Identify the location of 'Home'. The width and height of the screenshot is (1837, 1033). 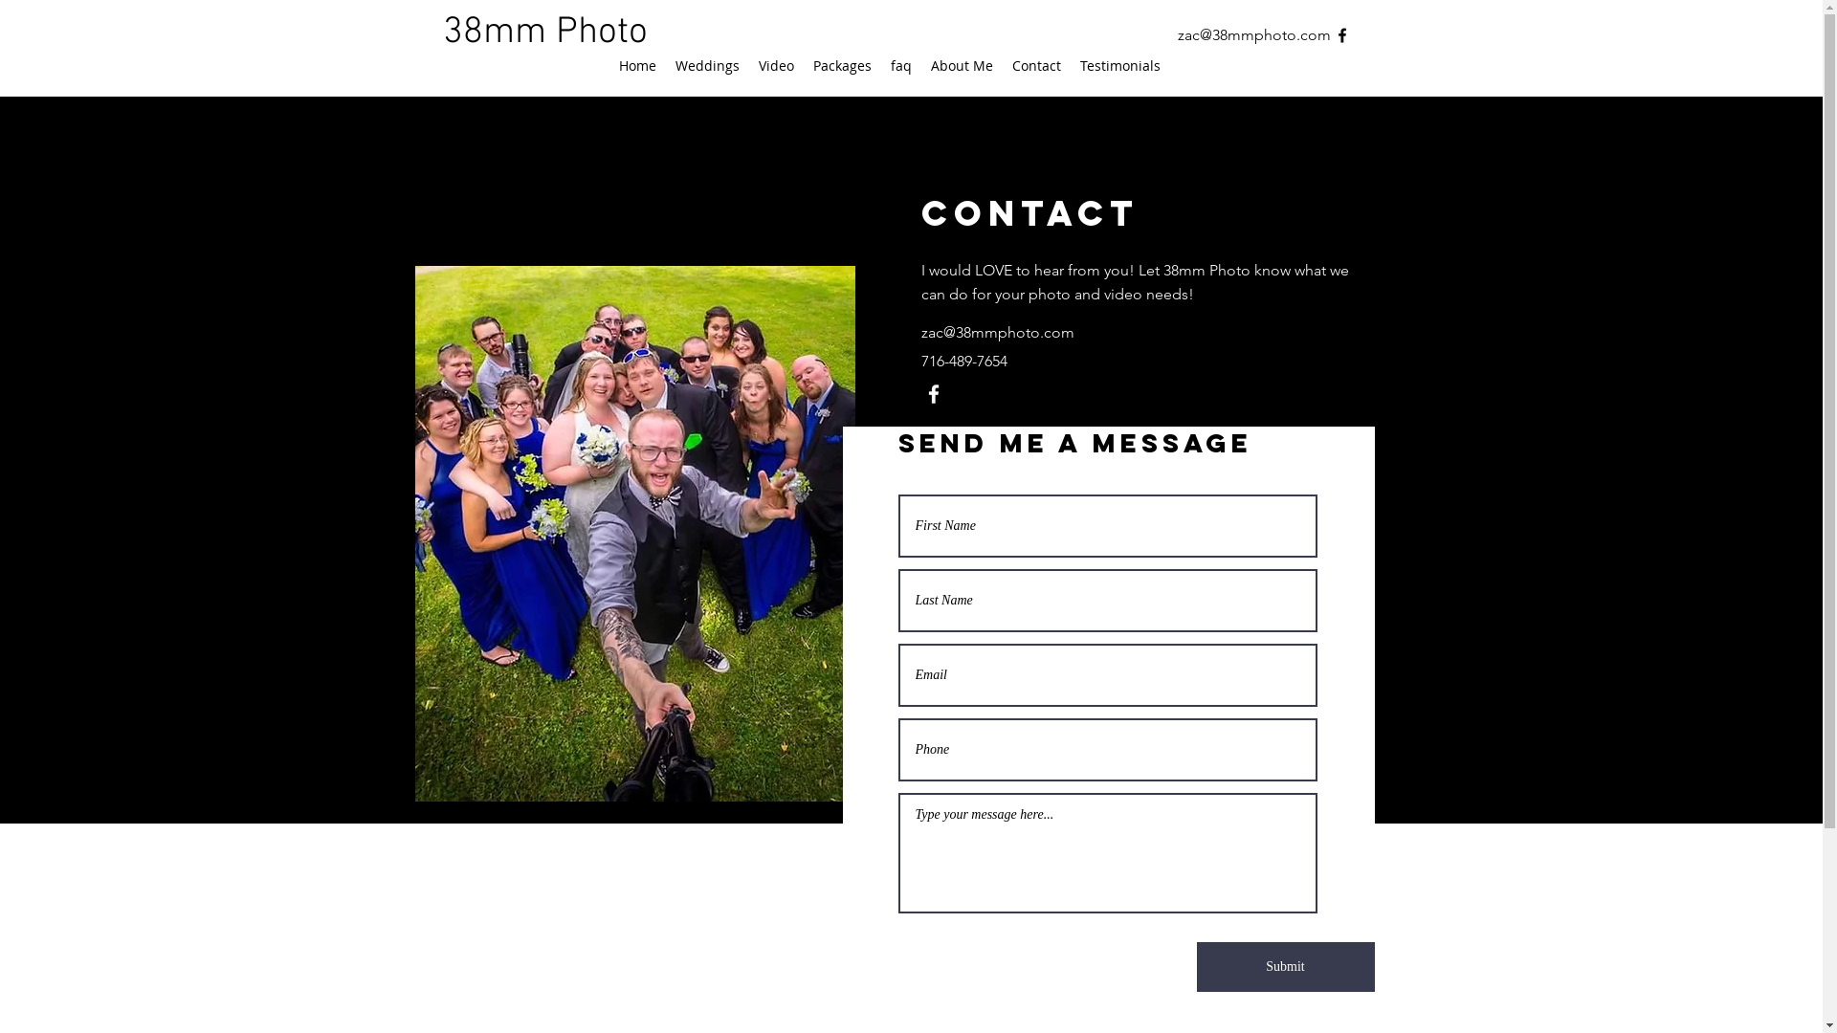
(607, 65).